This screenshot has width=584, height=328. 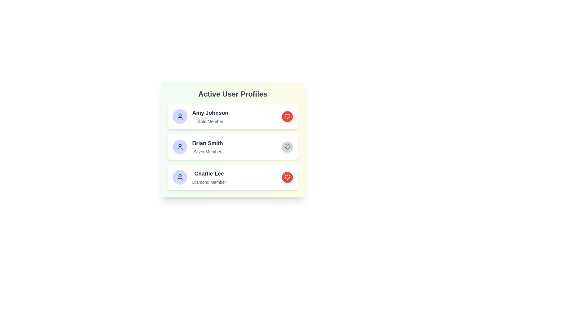 I want to click on the text label indicating the membership status of user Amy Johnson as 'Gold Member', which is positioned directly below the name label in the profile card, so click(x=210, y=121).